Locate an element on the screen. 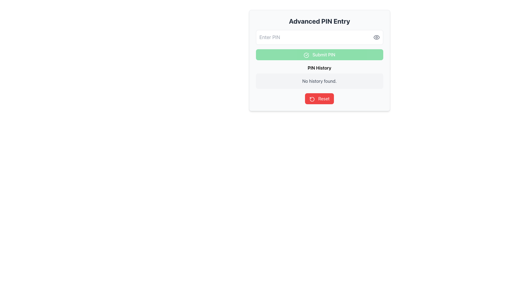 This screenshot has width=529, height=297. the visibility toggle icon button located immediately to the right of the 'Enter PIN' text field in the 'Advanced PIN Entry' interface is located at coordinates (376, 37).